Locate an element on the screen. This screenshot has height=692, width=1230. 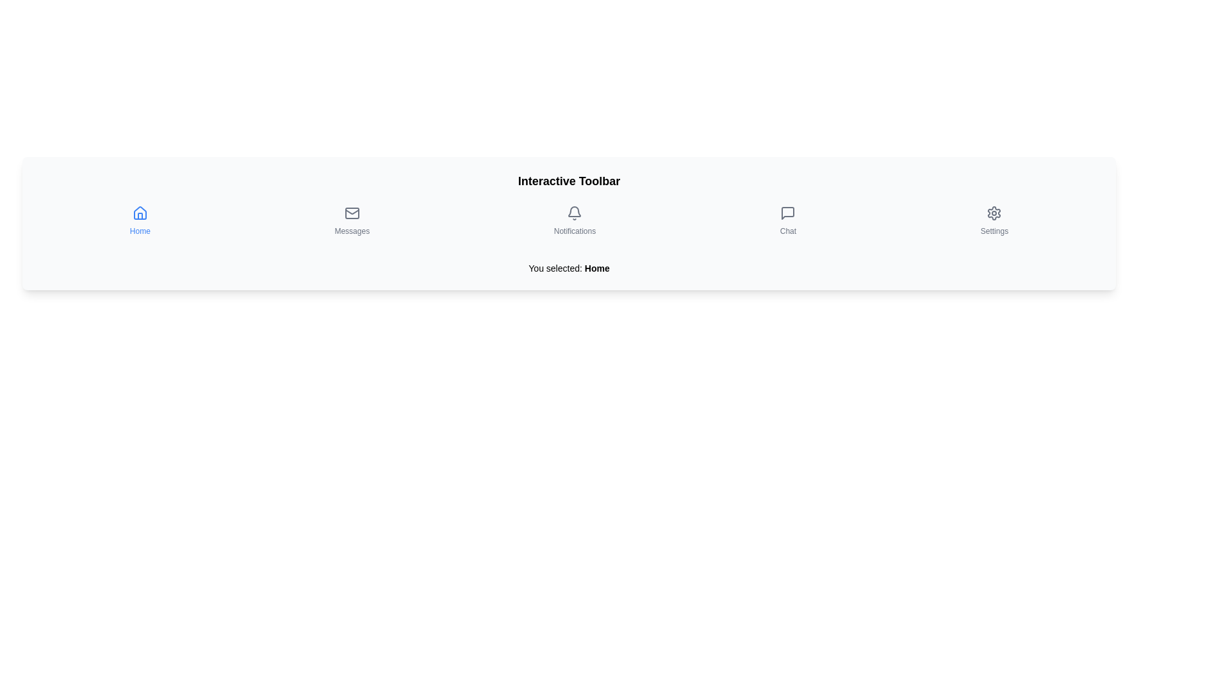
the 'Chat' button in the navigation bar is located at coordinates (787, 220).